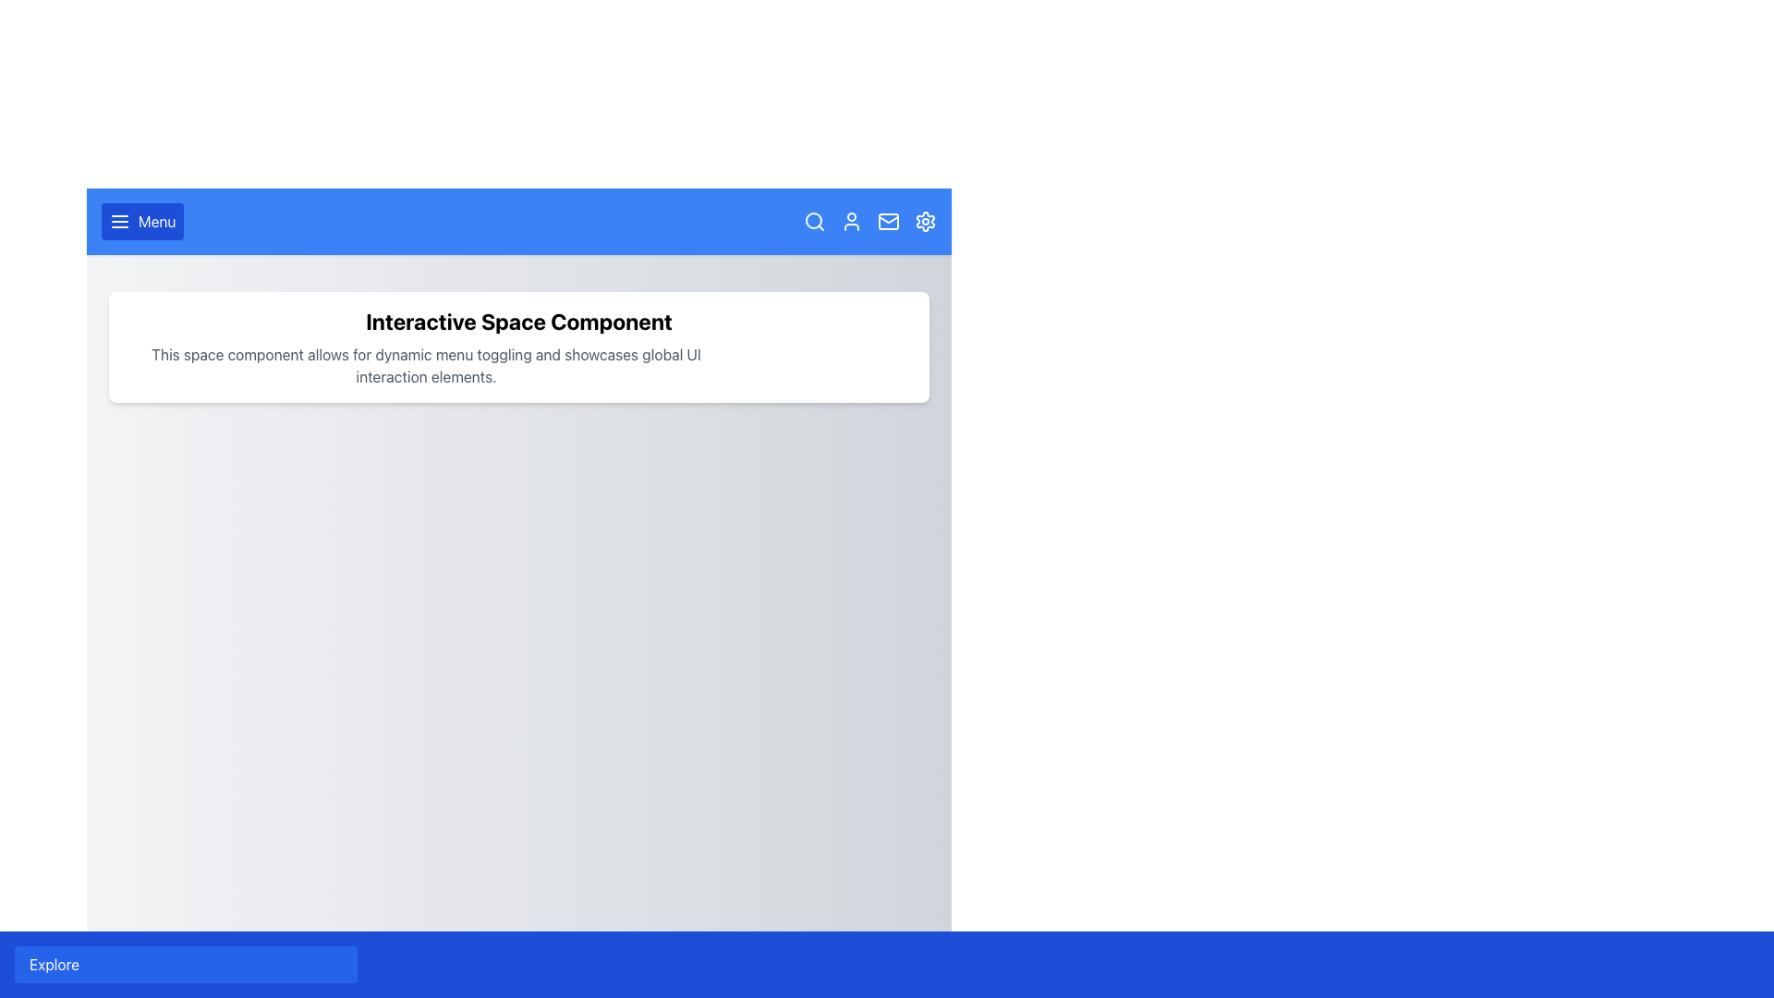  I want to click on the mail or messaging icon button located at the top-right corner of the interface, which is the third icon from the right in a row of icons, so click(888, 220).